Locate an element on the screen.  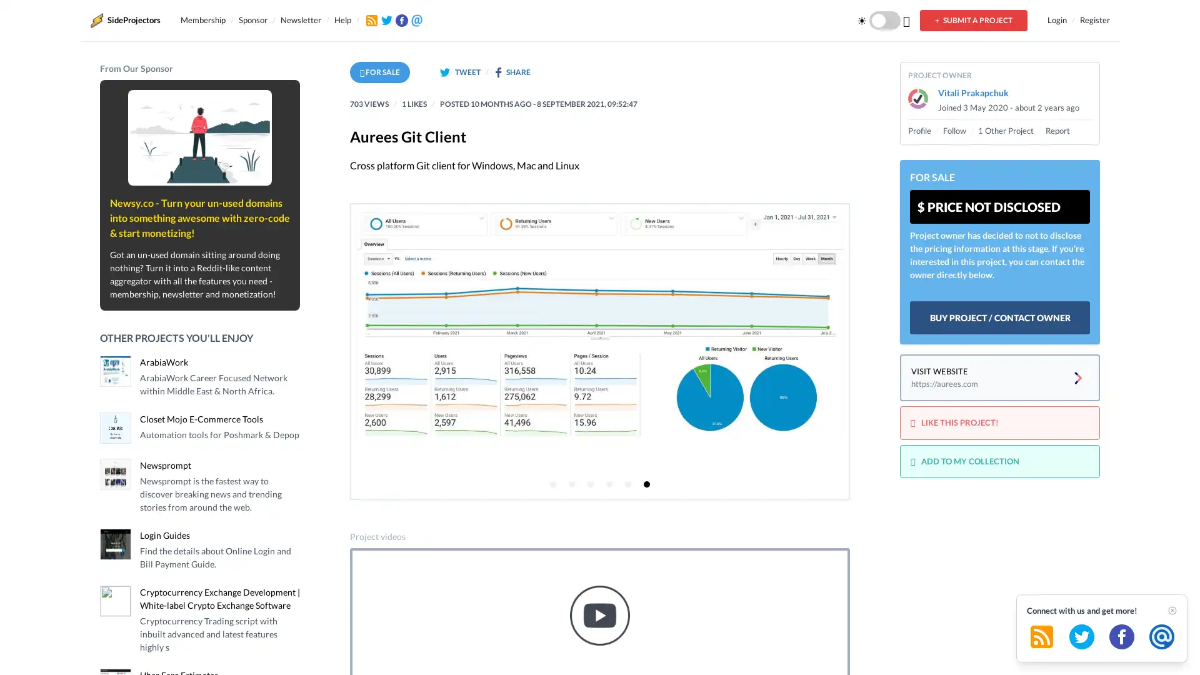
LIKE THIS PROJECT! is located at coordinates (999, 422).